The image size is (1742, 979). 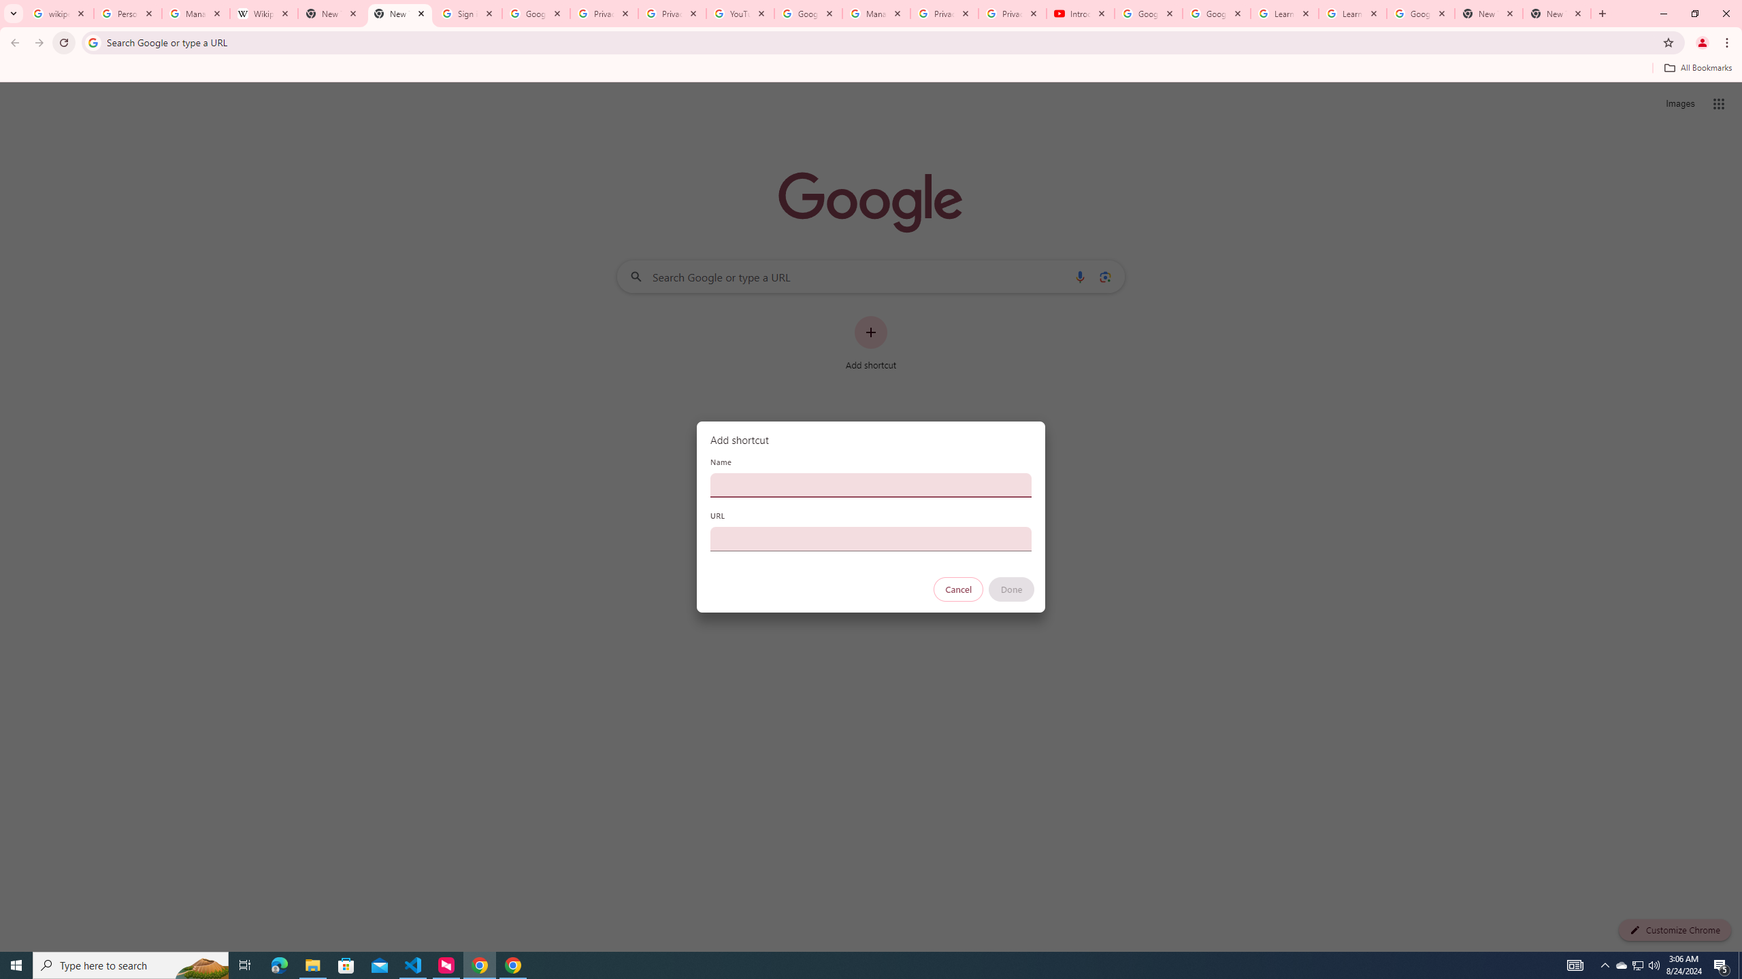 What do you see at coordinates (1489, 13) in the screenshot?
I see `'New Tab'` at bounding box center [1489, 13].